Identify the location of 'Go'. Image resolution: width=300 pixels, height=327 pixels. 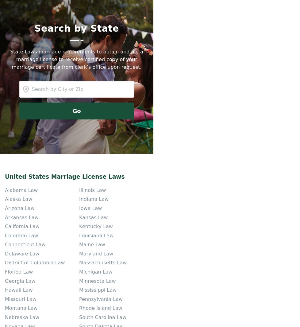
(72, 110).